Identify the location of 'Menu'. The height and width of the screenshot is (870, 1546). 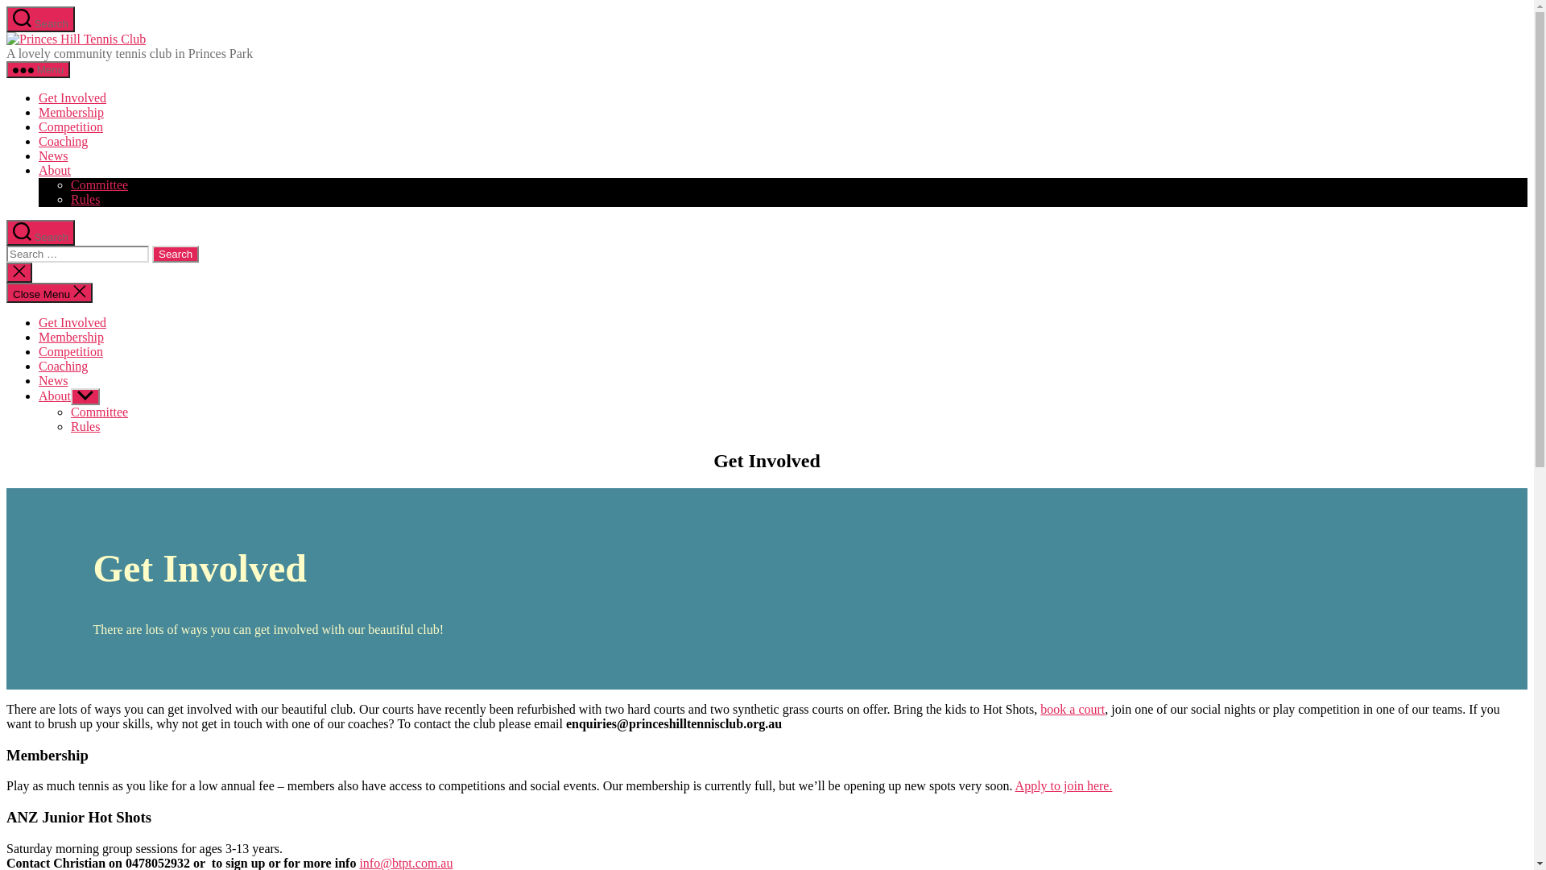
(38, 68).